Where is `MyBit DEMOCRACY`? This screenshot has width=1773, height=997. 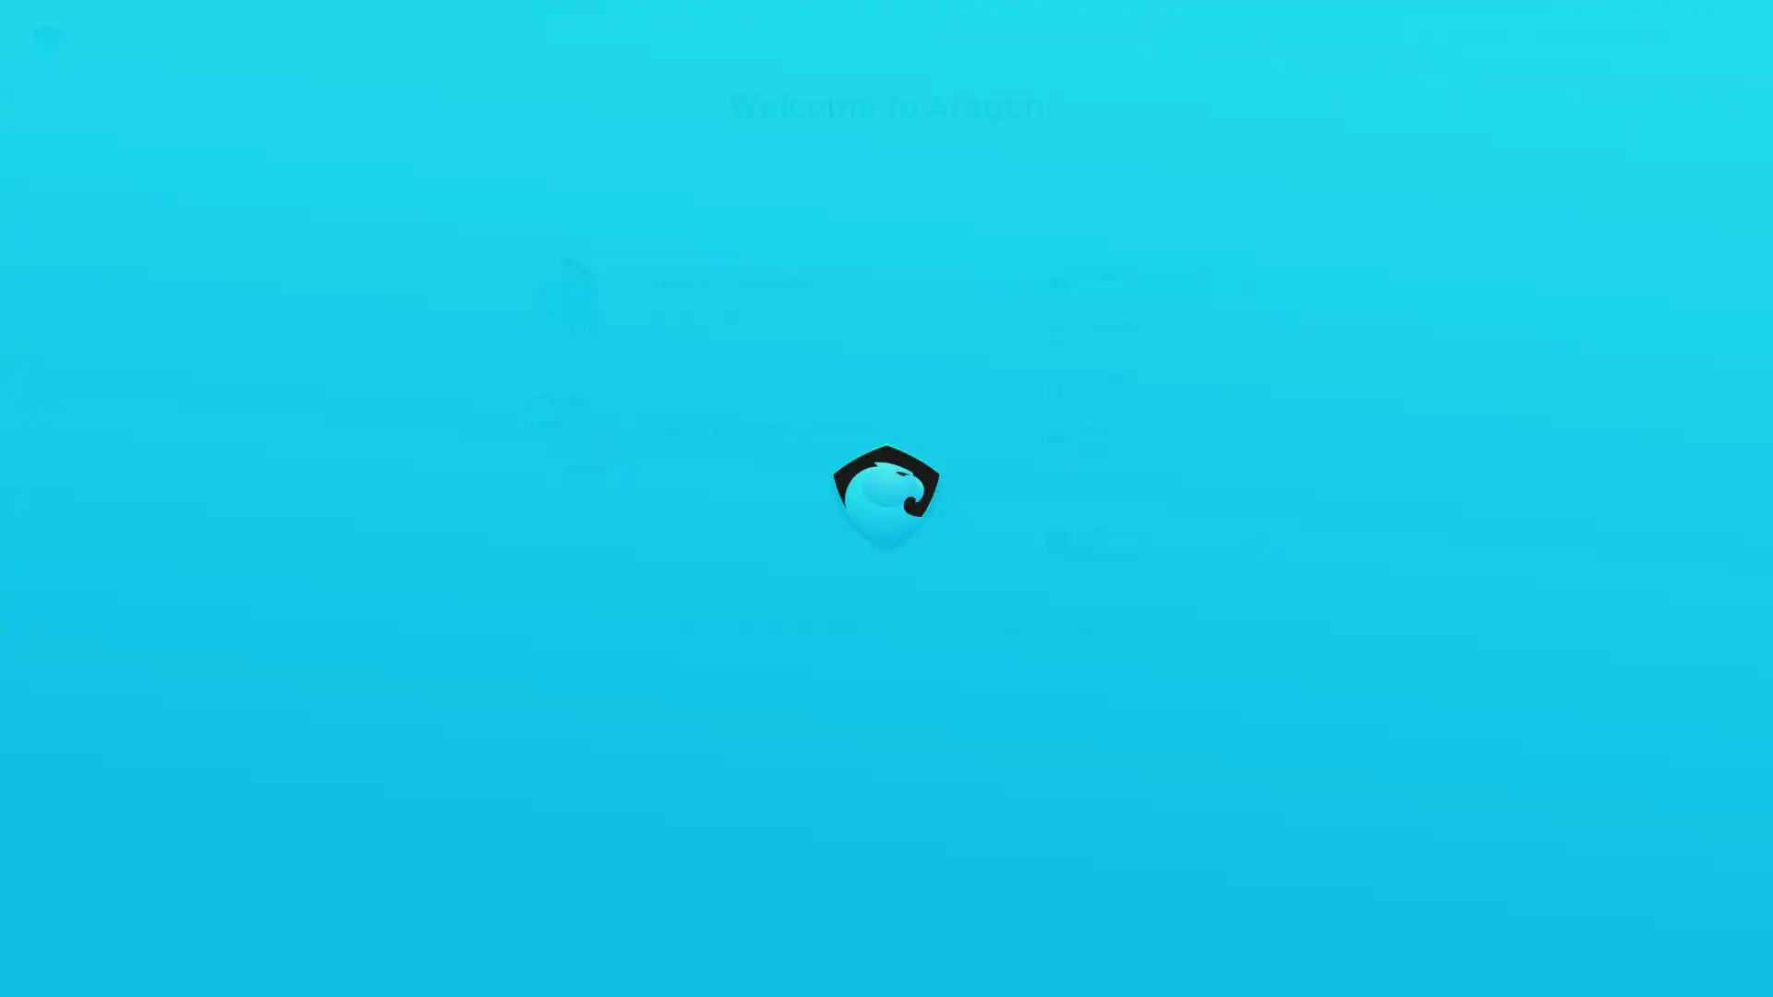 MyBit DEMOCRACY is located at coordinates (1133, 438).